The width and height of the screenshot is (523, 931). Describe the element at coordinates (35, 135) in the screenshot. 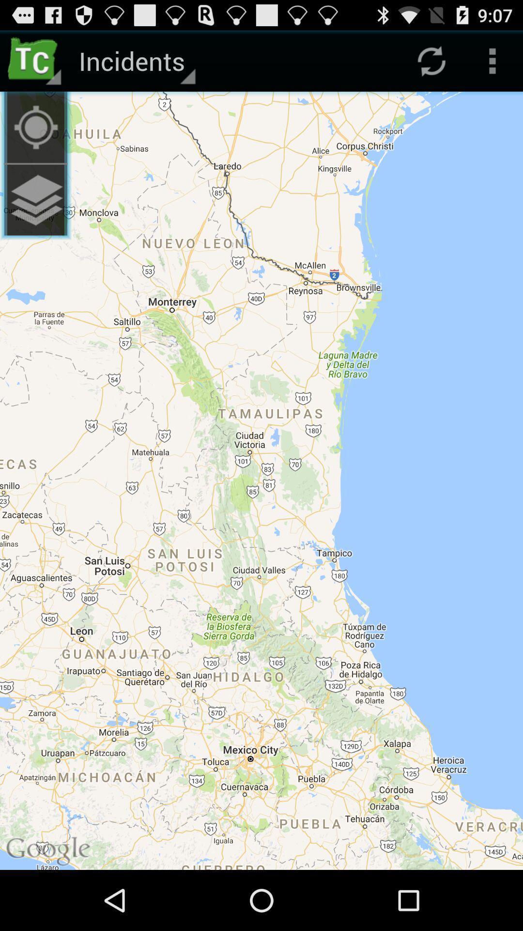

I see `the location_crosshair icon` at that location.